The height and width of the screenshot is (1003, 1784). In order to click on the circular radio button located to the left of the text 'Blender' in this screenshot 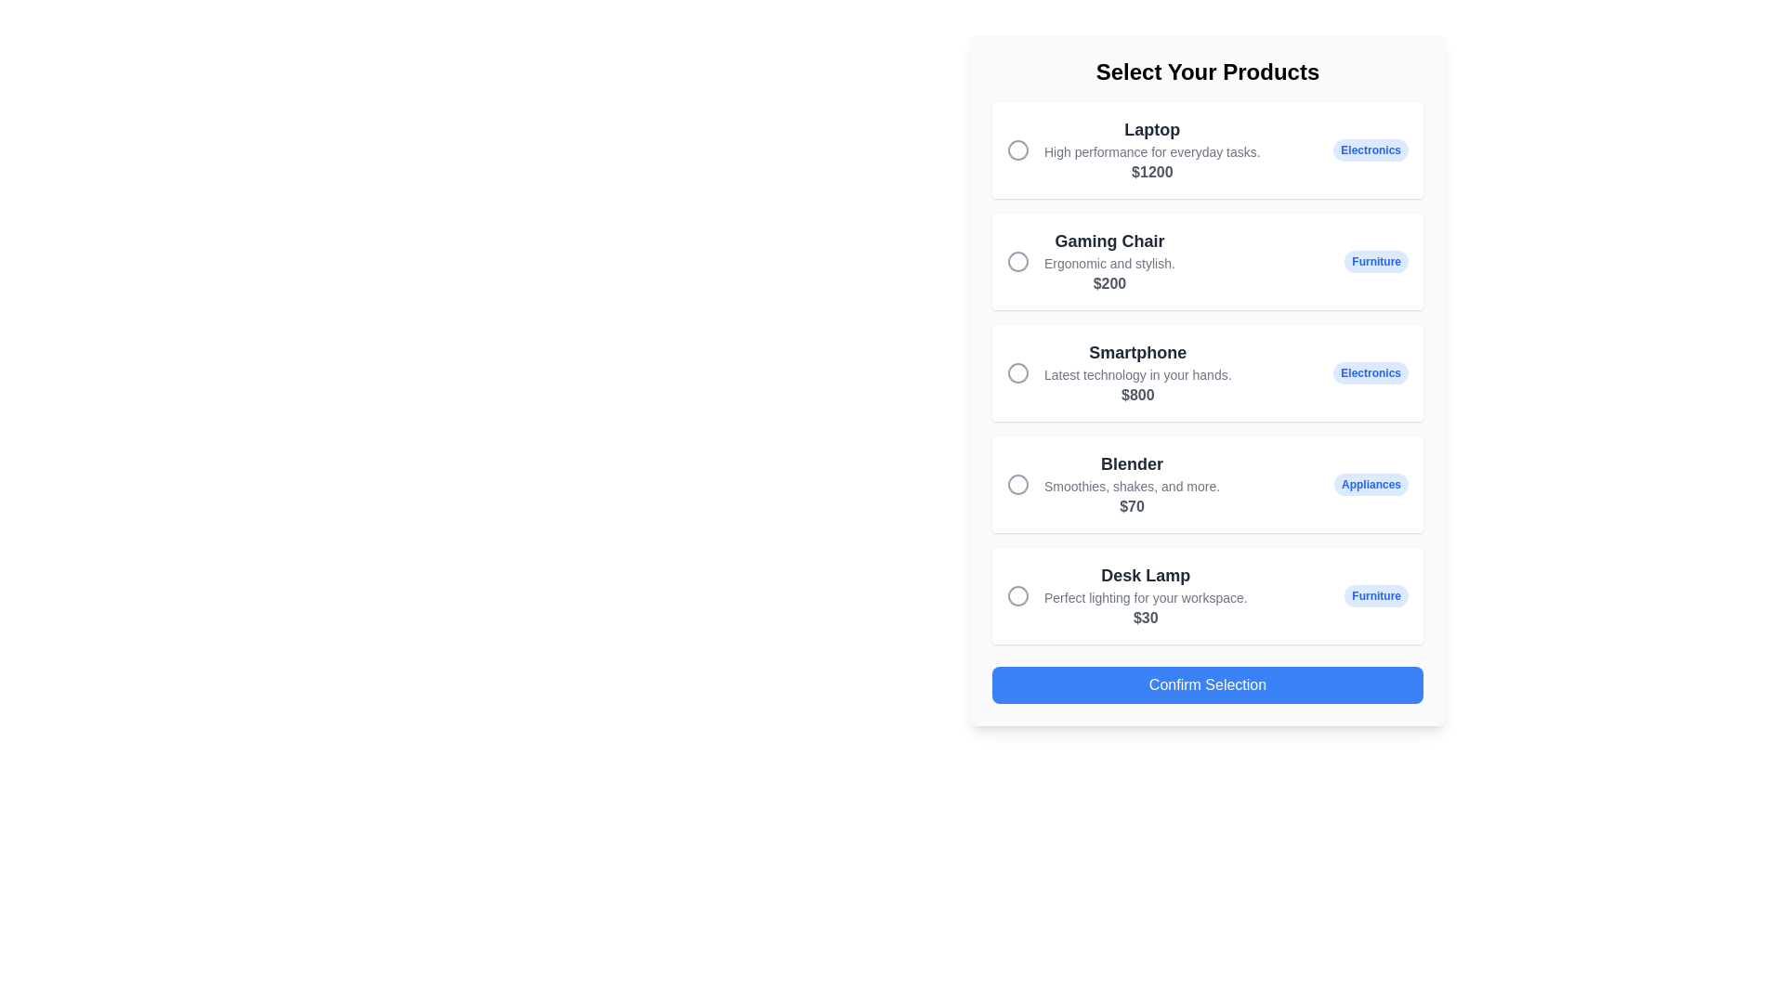, I will do `click(1017, 483)`.